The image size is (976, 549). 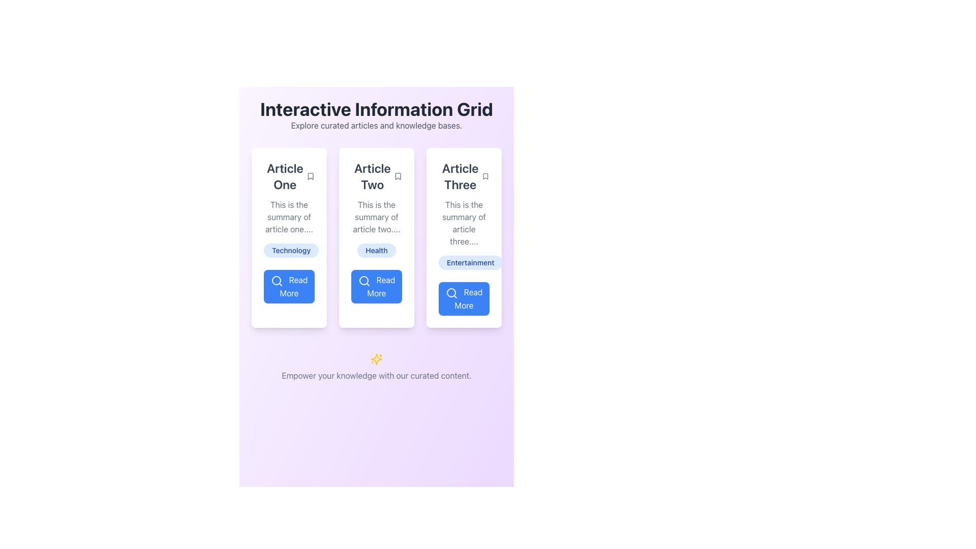 I want to click on the 'Read More' button with a blue background and white text, located at the bottom of the third card in a grid layout, so click(x=463, y=297).